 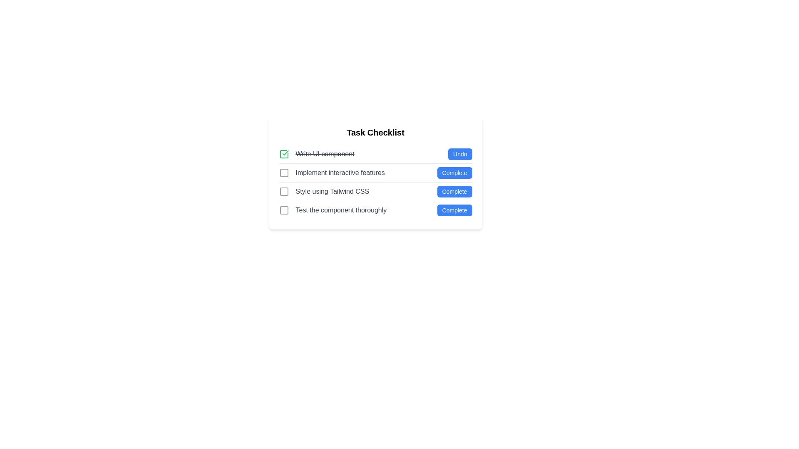 I want to click on the boundary outline of the rounded square enclosing the green checkmark icon that is part of the checklist item labeled 'Write UI component', so click(x=284, y=154).